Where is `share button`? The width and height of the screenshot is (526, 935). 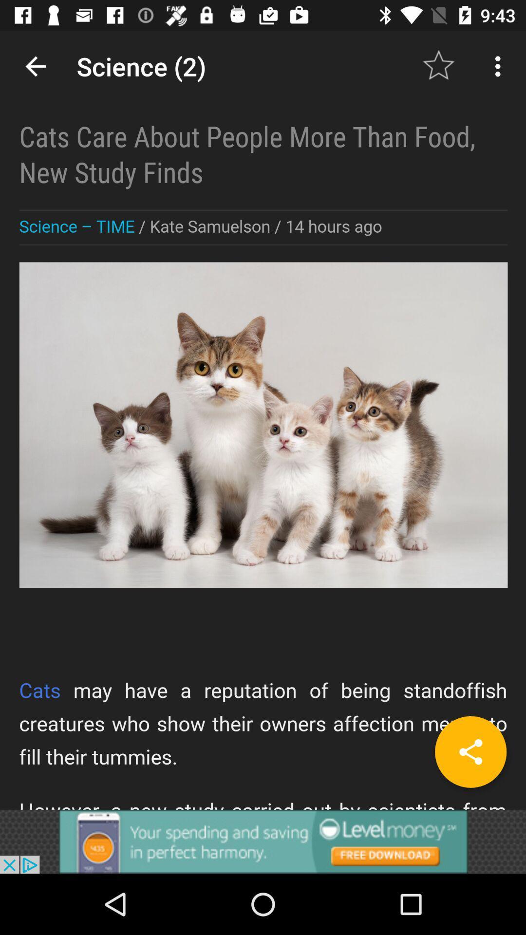 share button is located at coordinates (470, 751).